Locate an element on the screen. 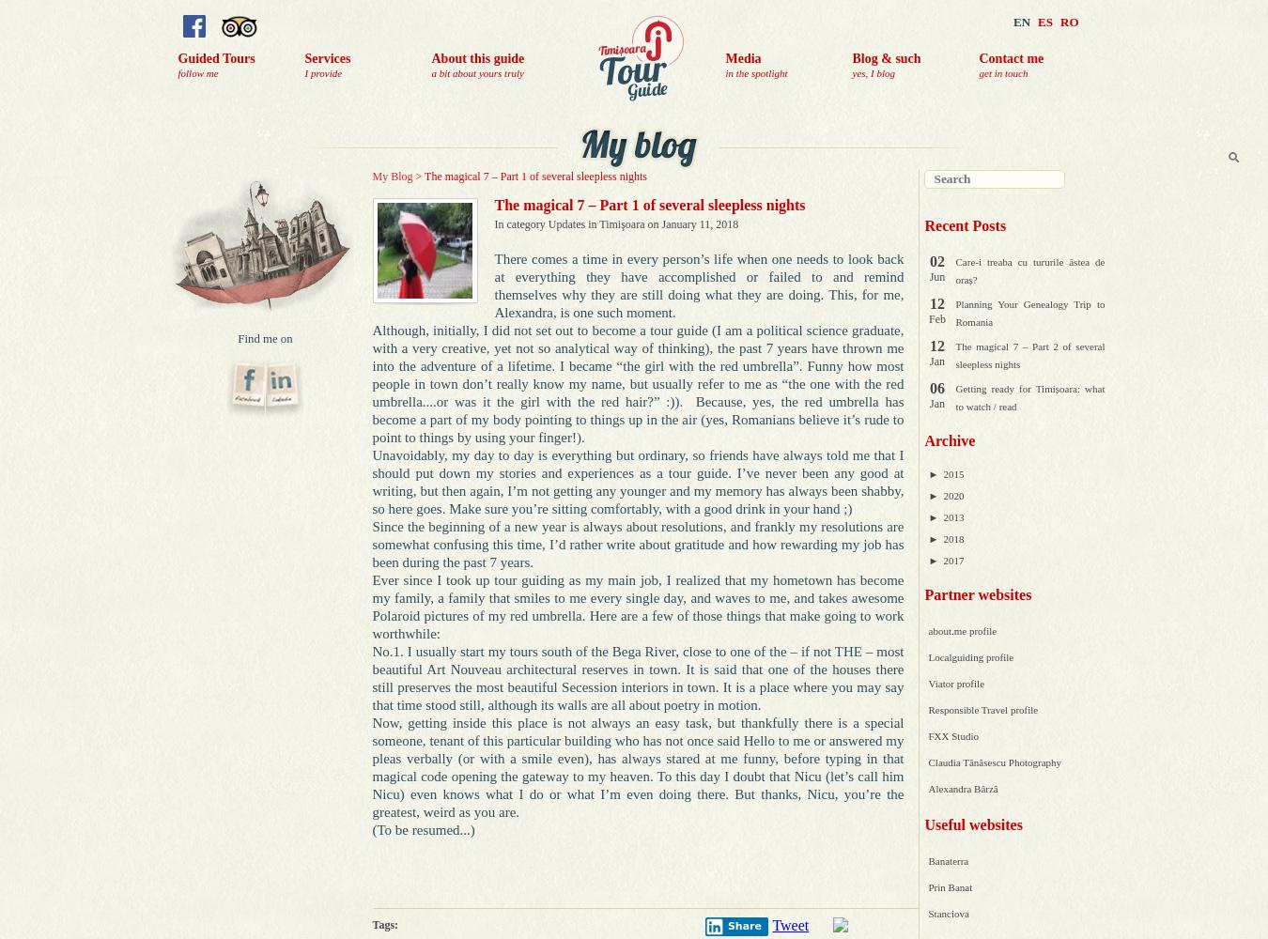  'Prin Banat' is located at coordinates (949, 886).